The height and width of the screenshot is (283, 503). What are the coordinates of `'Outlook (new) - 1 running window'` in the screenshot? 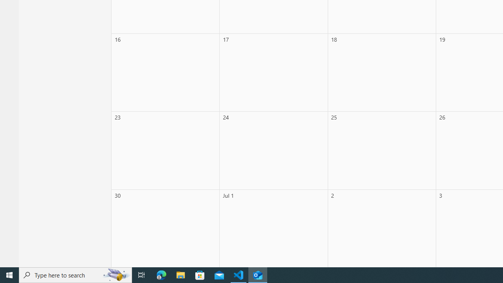 It's located at (258, 274).